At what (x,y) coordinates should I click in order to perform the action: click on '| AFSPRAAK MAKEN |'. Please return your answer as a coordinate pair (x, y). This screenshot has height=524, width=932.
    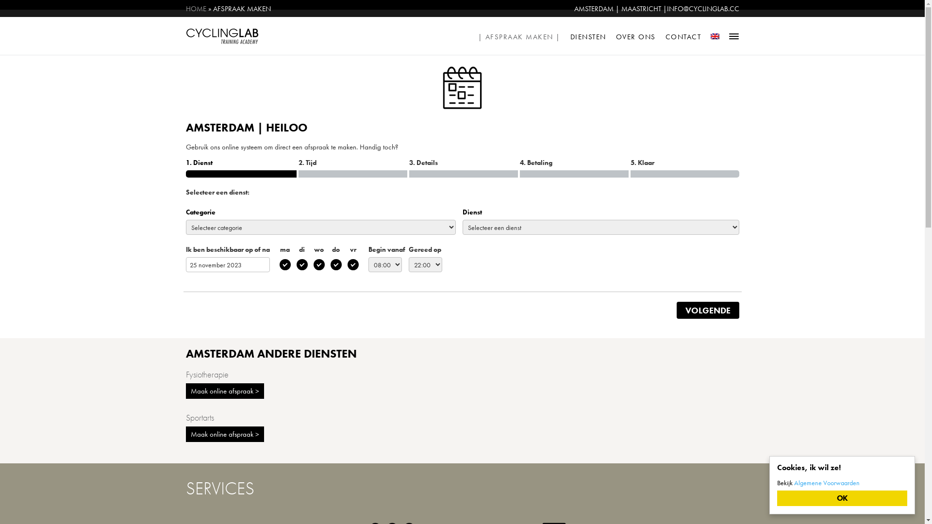
    Looking at the image, I should click on (519, 35).